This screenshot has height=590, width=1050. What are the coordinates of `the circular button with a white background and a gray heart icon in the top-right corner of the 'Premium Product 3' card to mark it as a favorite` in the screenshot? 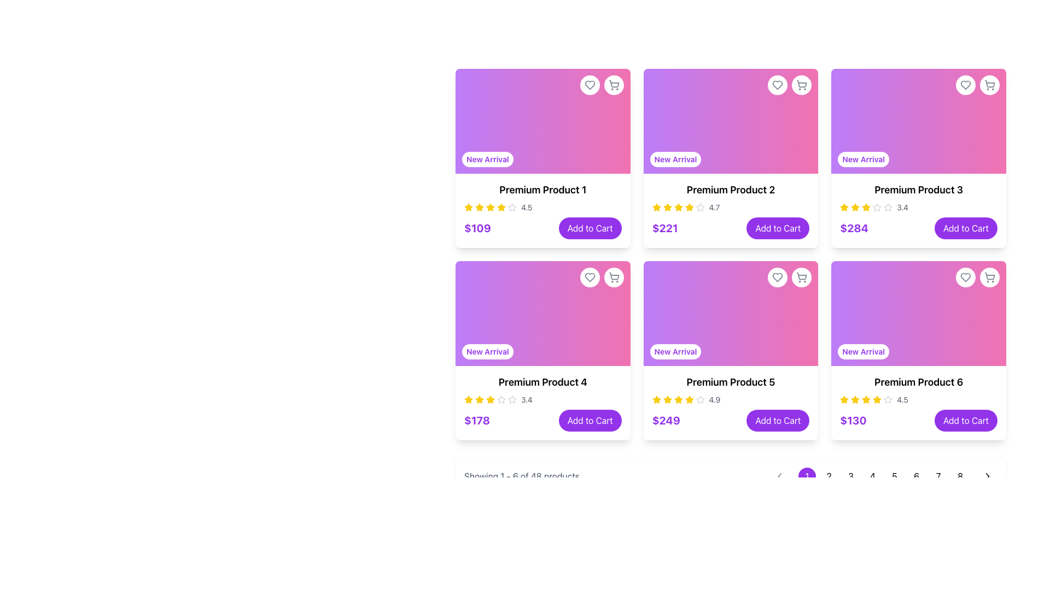 It's located at (966, 84).